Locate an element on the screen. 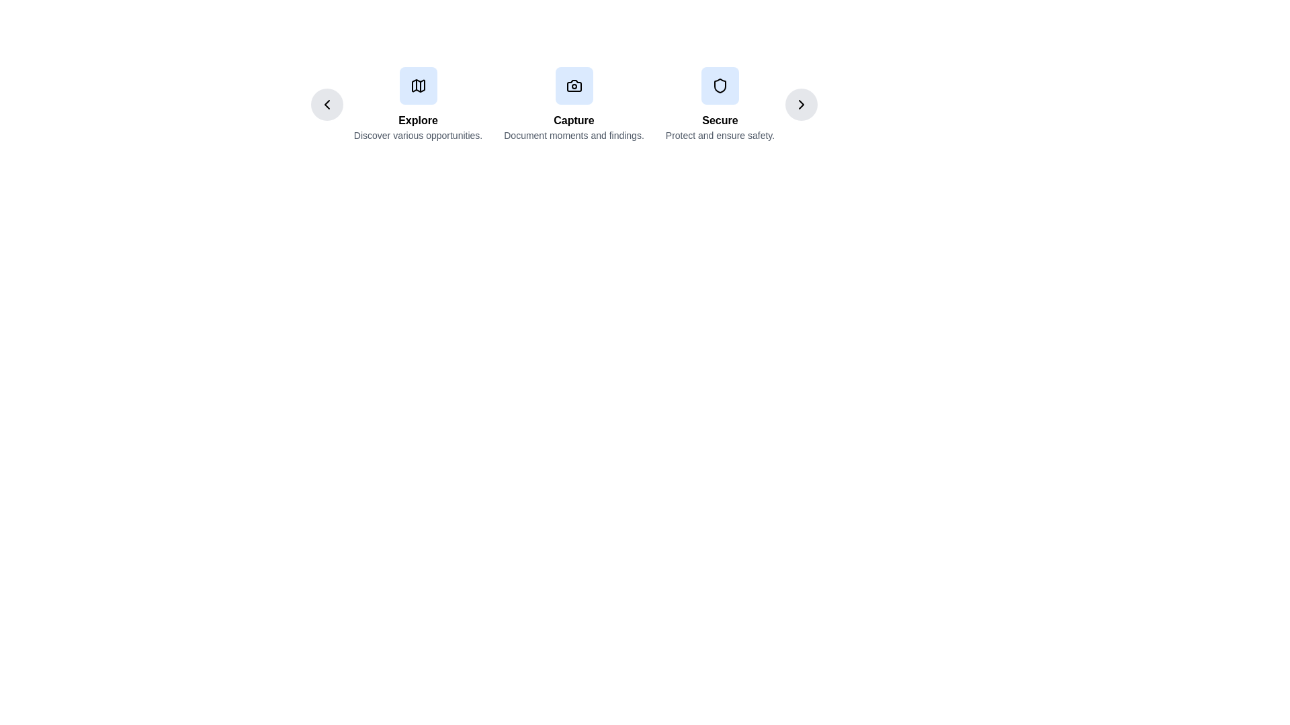 Image resolution: width=1290 pixels, height=725 pixels. the Decorative icon with a shield shape, which is centered within a light blue rounded rectangle in the 'Secure' section of the interface is located at coordinates (719, 85).